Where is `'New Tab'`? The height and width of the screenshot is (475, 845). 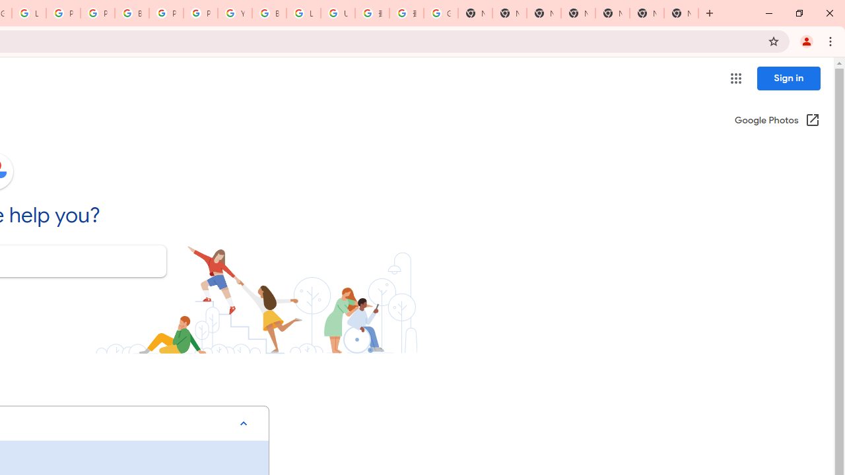
'New Tab' is located at coordinates (681, 13).